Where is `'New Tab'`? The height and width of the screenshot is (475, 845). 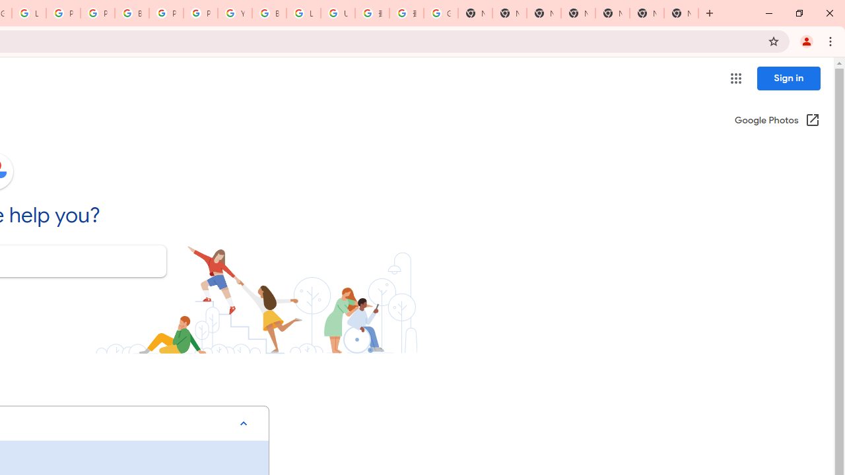
'New Tab' is located at coordinates (681, 13).